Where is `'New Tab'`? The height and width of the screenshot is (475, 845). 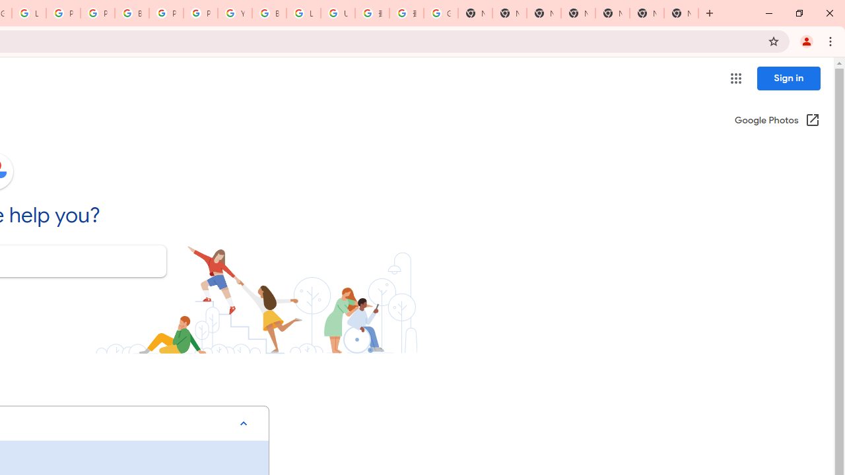
'New Tab' is located at coordinates (681, 13).